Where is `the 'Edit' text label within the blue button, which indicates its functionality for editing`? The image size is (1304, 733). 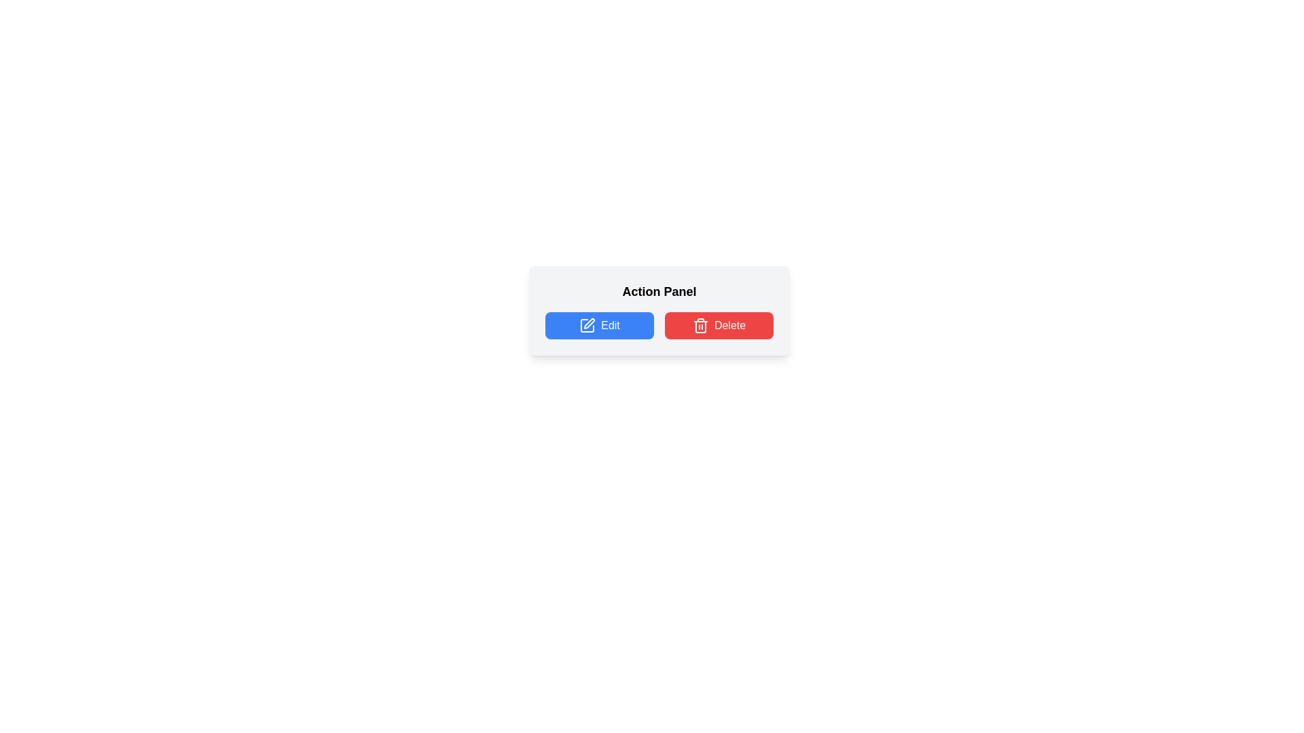
the 'Edit' text label within the blue button, which indicates its functionality for editing is located at coordinates (609, 325).